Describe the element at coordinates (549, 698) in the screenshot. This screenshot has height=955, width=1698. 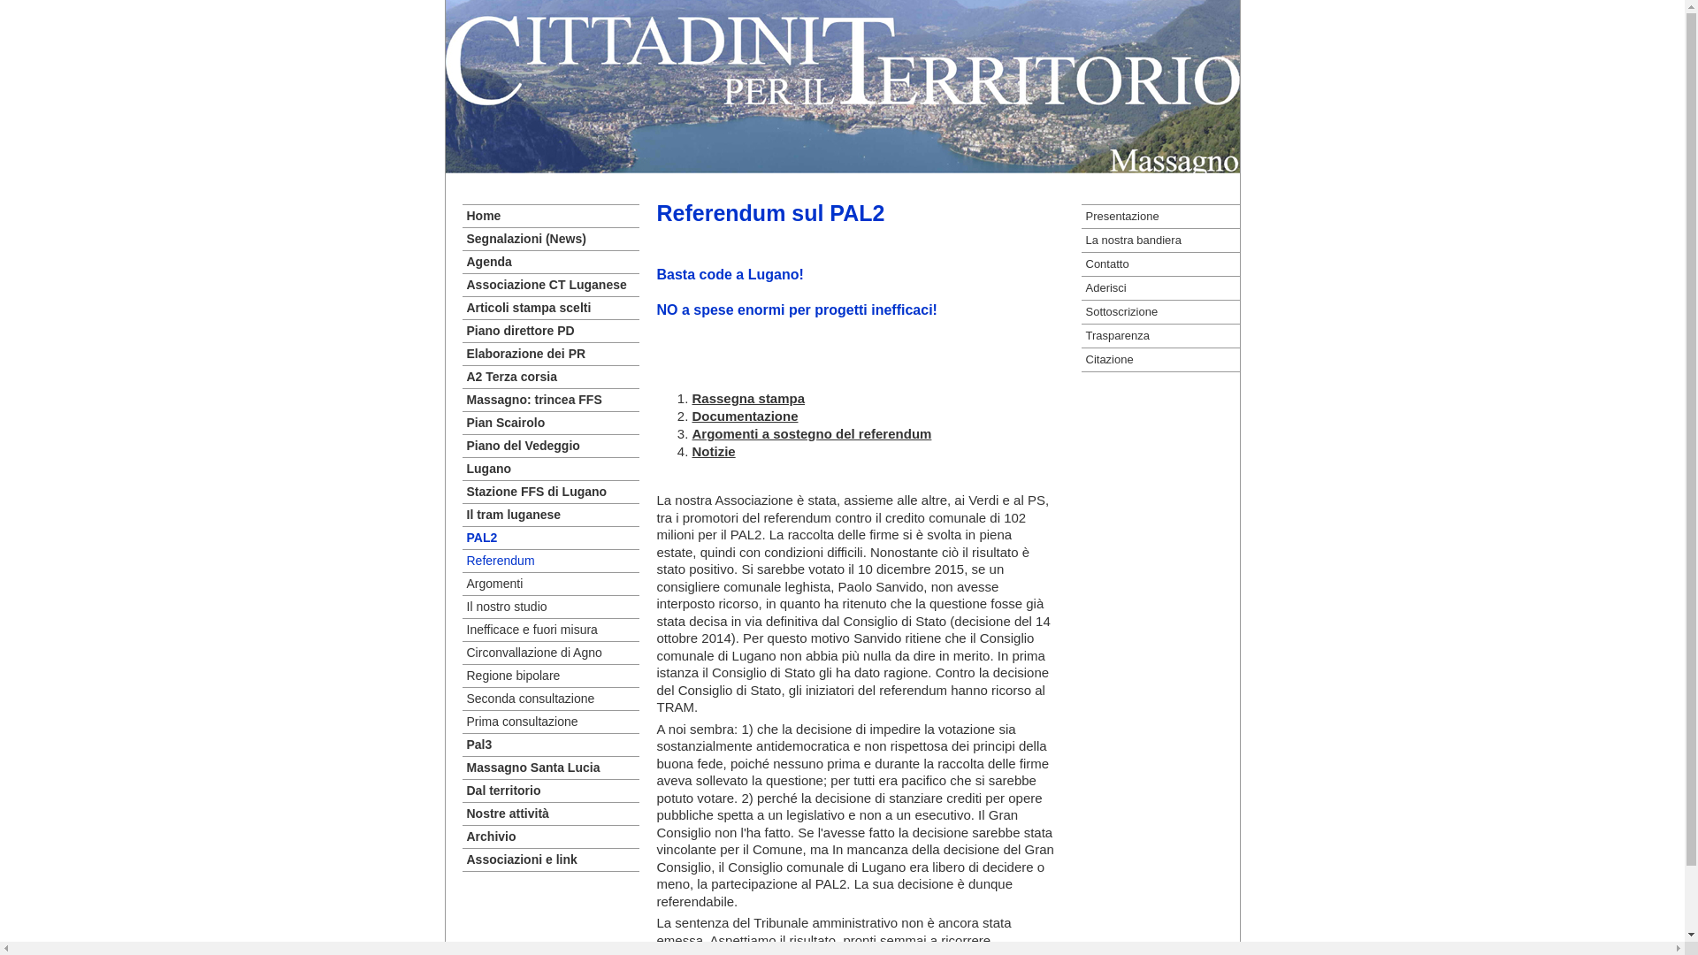
I see `'Seconda consultazione'` at that location.